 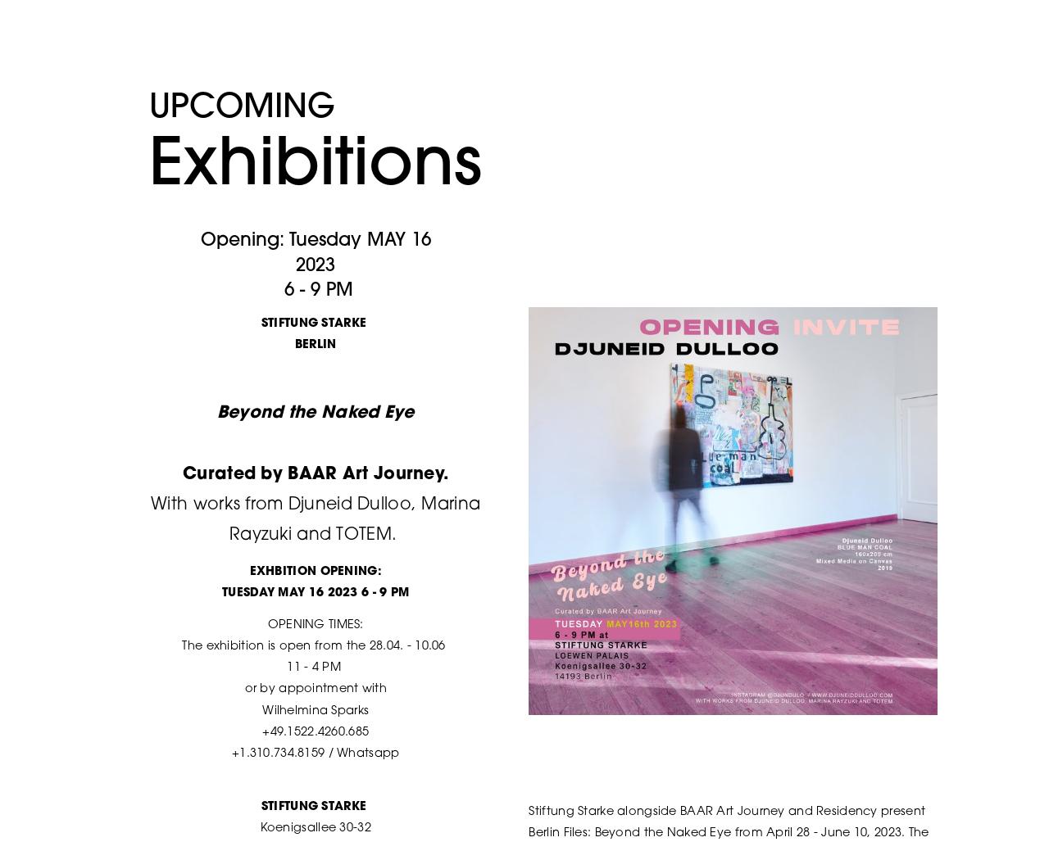 What do you see at coordinates (315, 344) in the screenshot?
I see `'BERLIN'` at bounding box center [315, 344].